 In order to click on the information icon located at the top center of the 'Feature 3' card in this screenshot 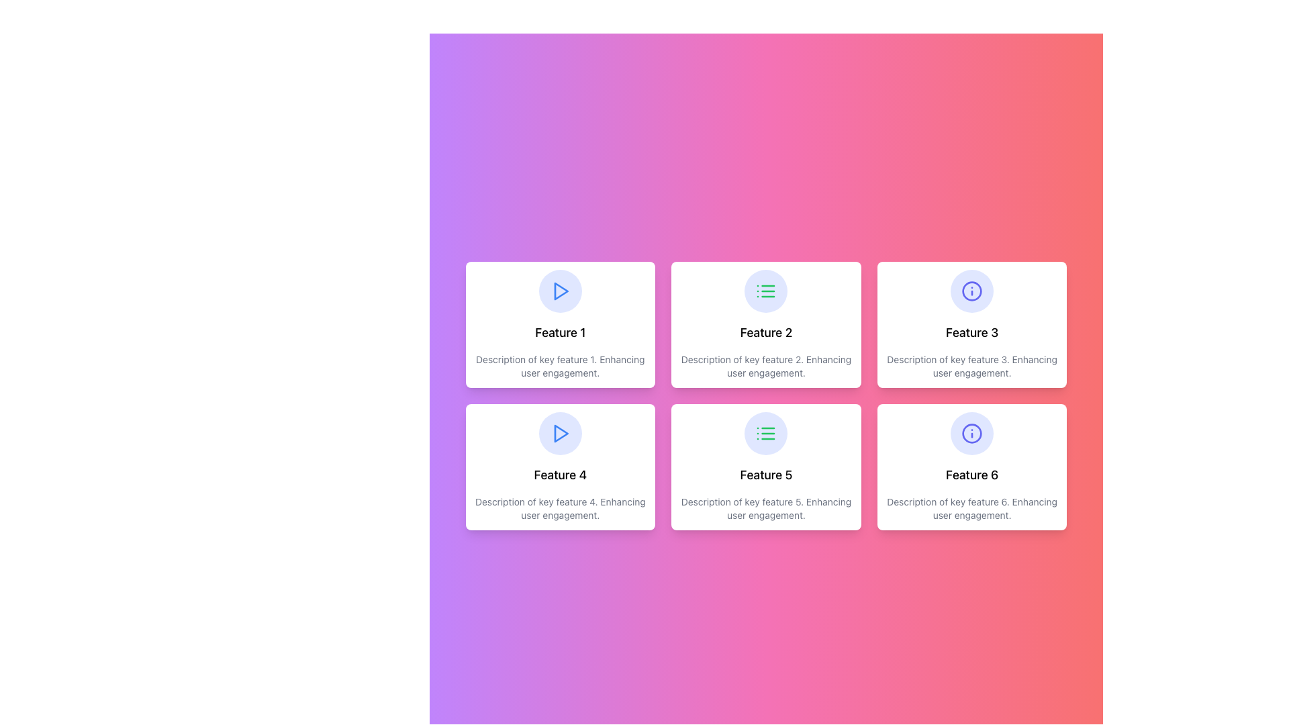, I will do `click(972, 291)`.